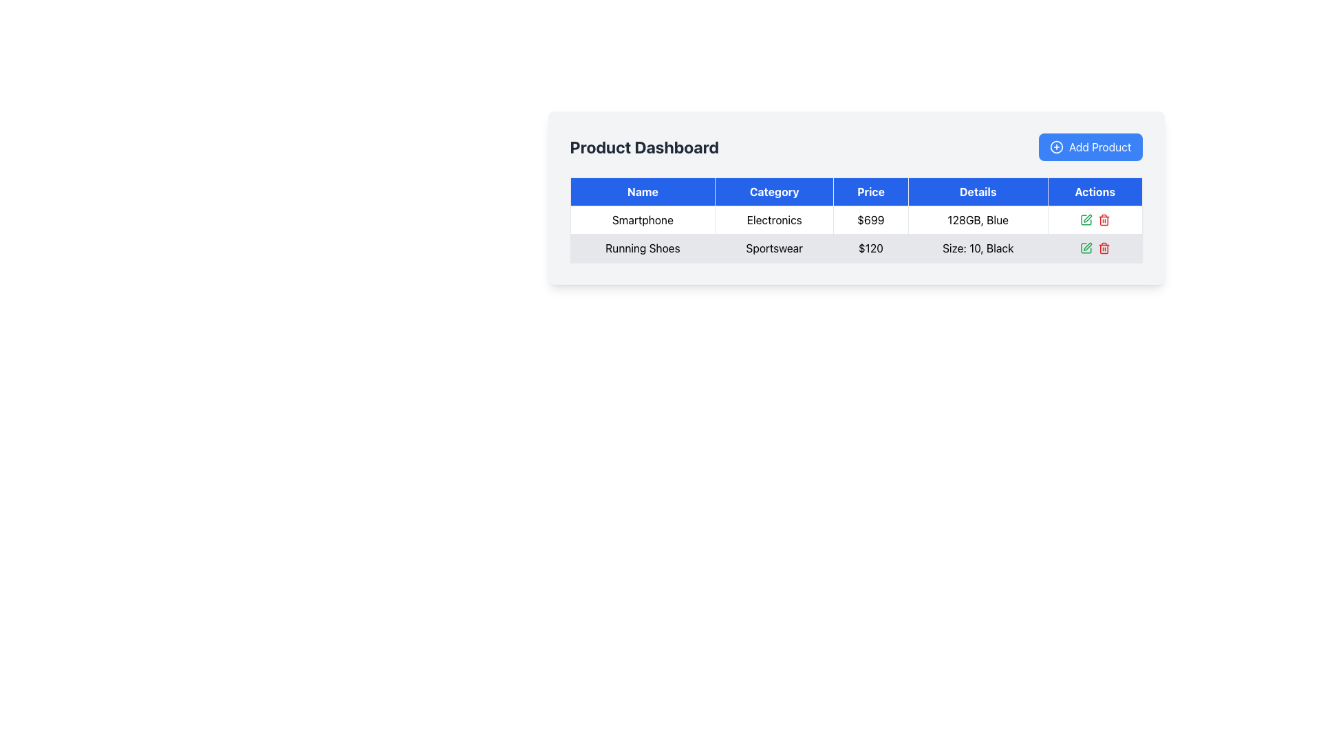 This screenshot has width=1321, height=743. I want to click on the 'Details' heading button in the fourth column of the table, which has a blue background and white text, so click(977, 191).